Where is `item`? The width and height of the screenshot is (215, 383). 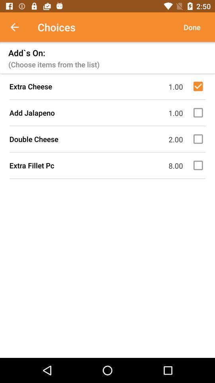
item is located at coordinates (199, 86).